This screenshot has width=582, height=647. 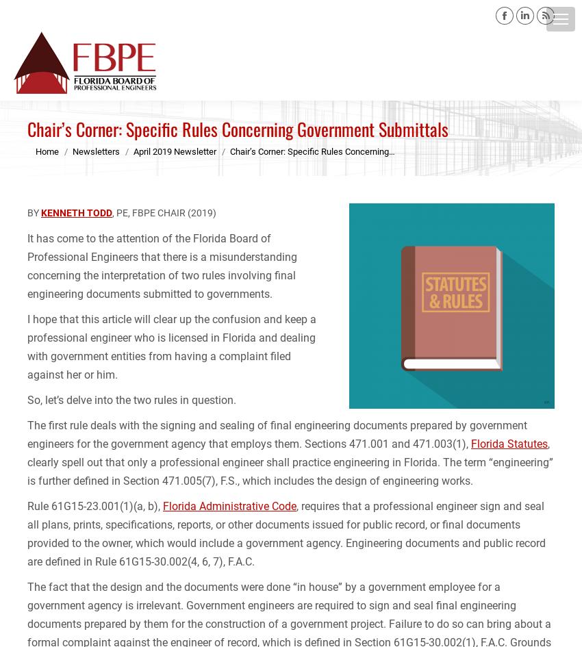 What do you see at coordinates (172, 346) in the screenshot?
I see `'I hope that this article will clear up the confusion and keep a professional engineer who is licensed in Florida and dealing with government entities from having a complaint filed against her or him.'` at bounding box center [172, 346].